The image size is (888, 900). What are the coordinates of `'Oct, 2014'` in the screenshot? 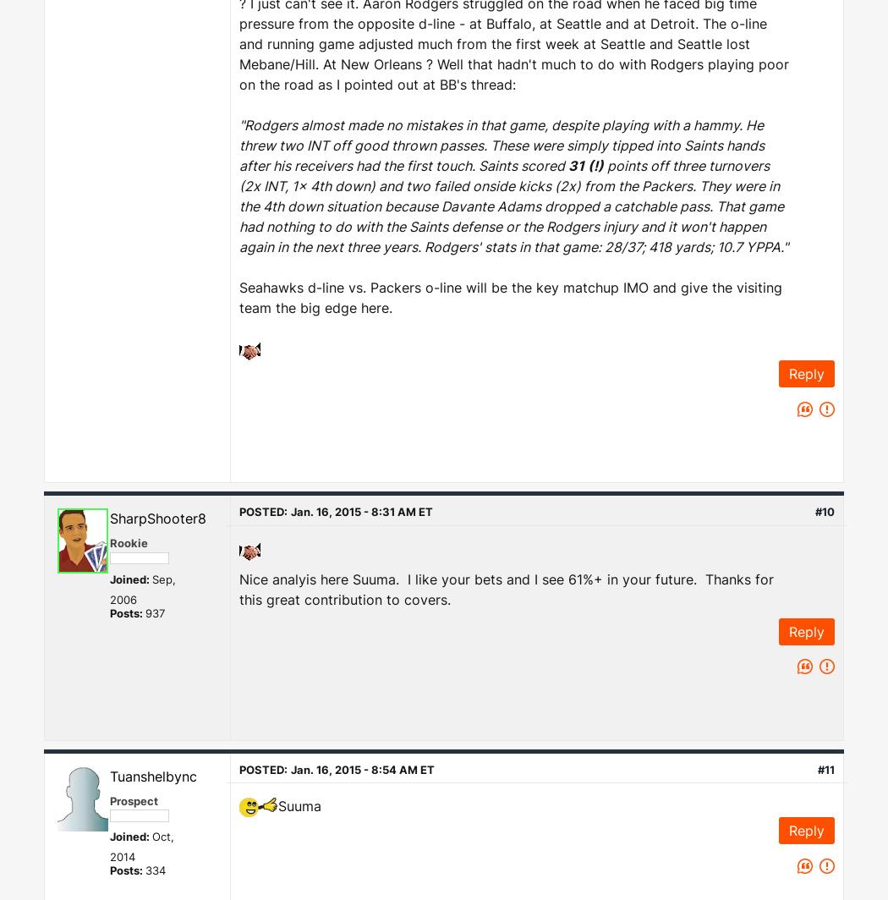 It's located at (142, 847).